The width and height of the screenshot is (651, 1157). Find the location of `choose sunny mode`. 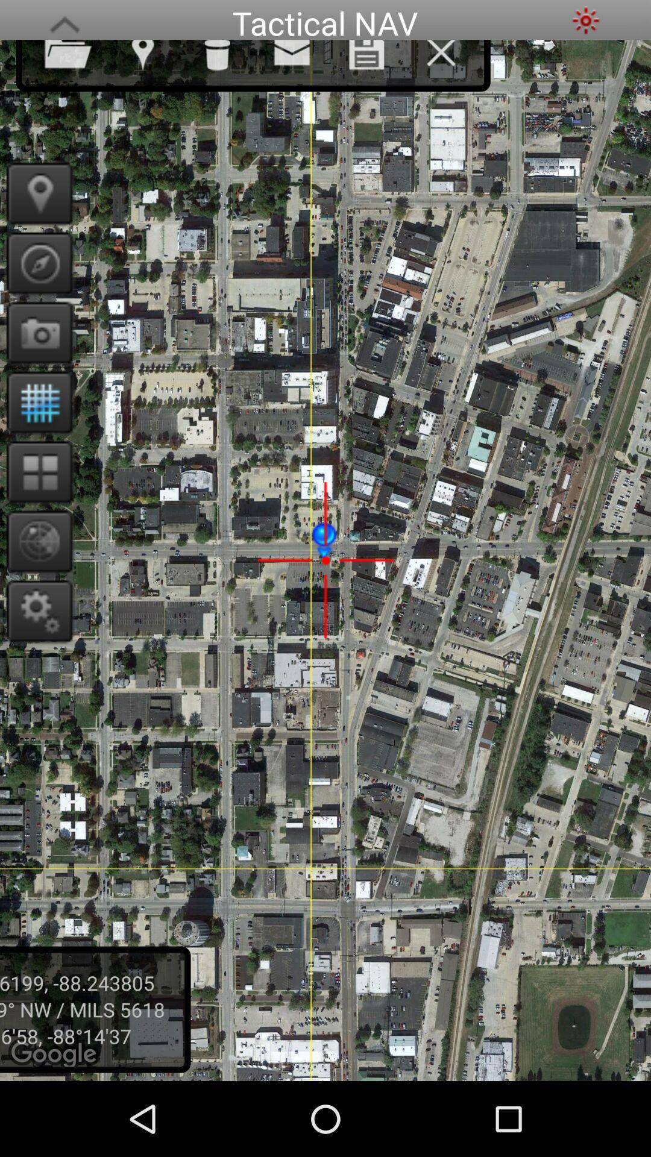

choose sunny mode is located at coordinates (585, 20).